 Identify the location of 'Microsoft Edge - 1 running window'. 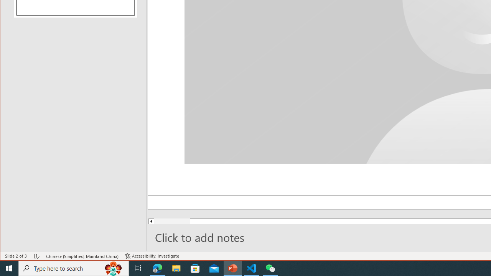
(157, 268).